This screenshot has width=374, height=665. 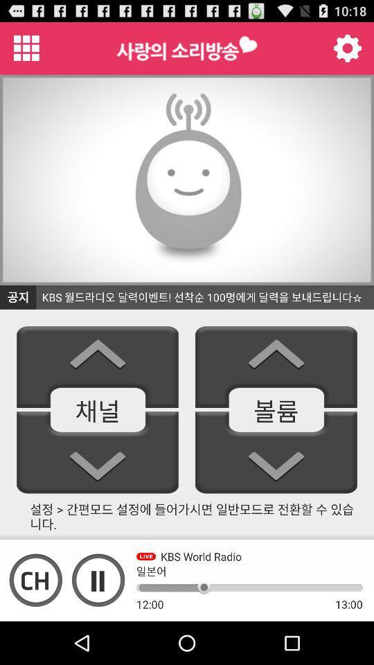 What do you see at coordinates (26, 51) in the screenshot?
I see `the dialpad icon` at bounding box center [26, 51].